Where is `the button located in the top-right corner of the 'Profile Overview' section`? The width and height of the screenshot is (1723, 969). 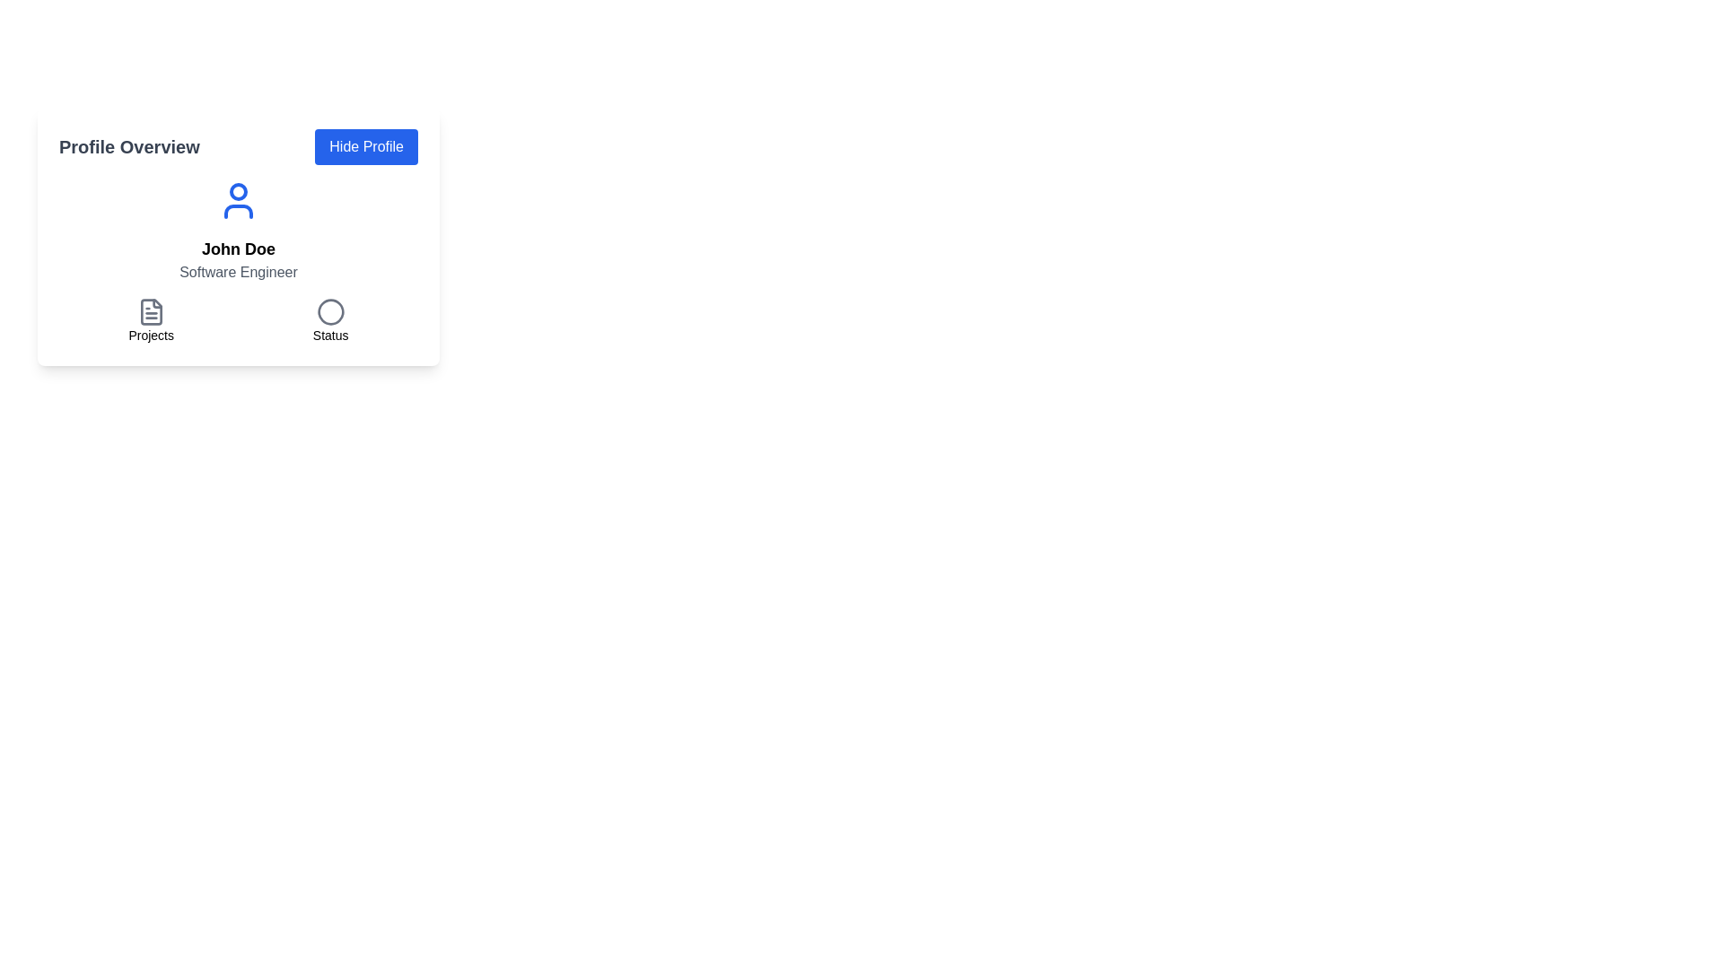 the button located in the top-right corner of the 'Profile Overview' section is located at coordinates (365, 146).